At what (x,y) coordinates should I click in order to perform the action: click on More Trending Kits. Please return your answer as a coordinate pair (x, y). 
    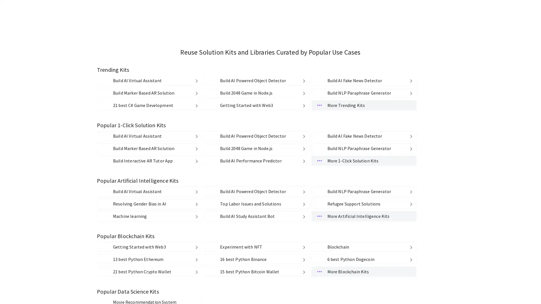
    Looking at the image, I should click on (363, 246).